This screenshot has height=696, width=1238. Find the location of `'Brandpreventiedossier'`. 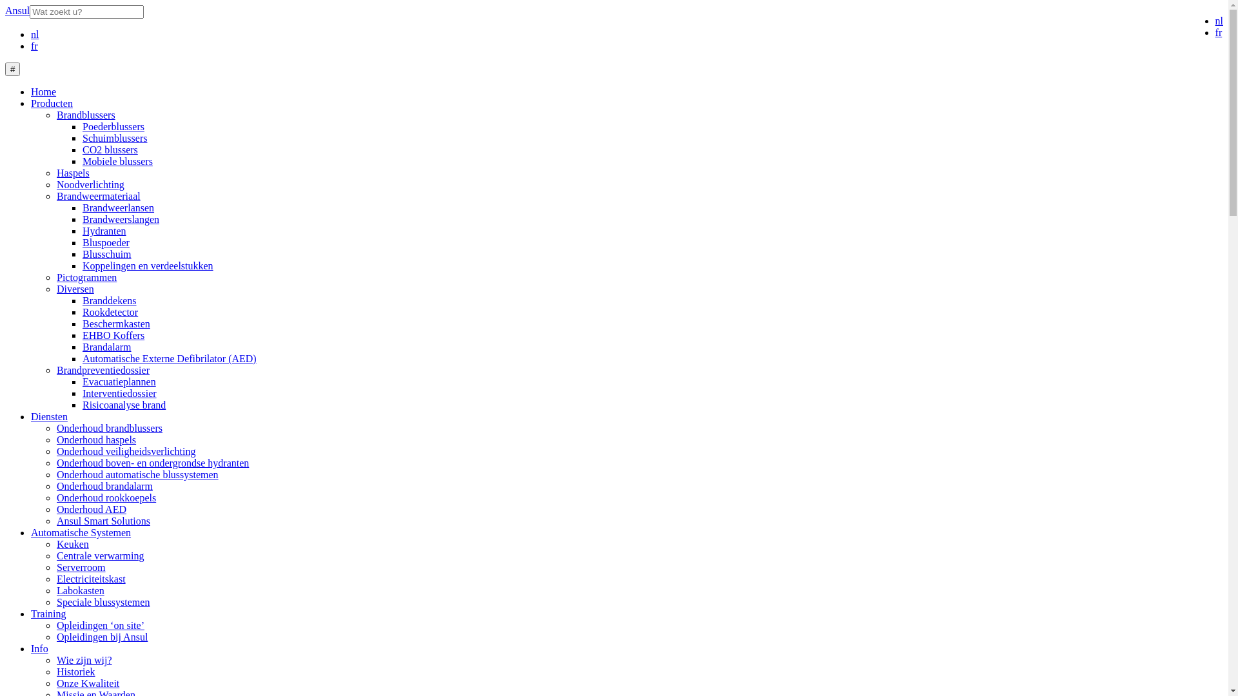

'Brandpreventiedossier' is located at coordinates (102, 370).